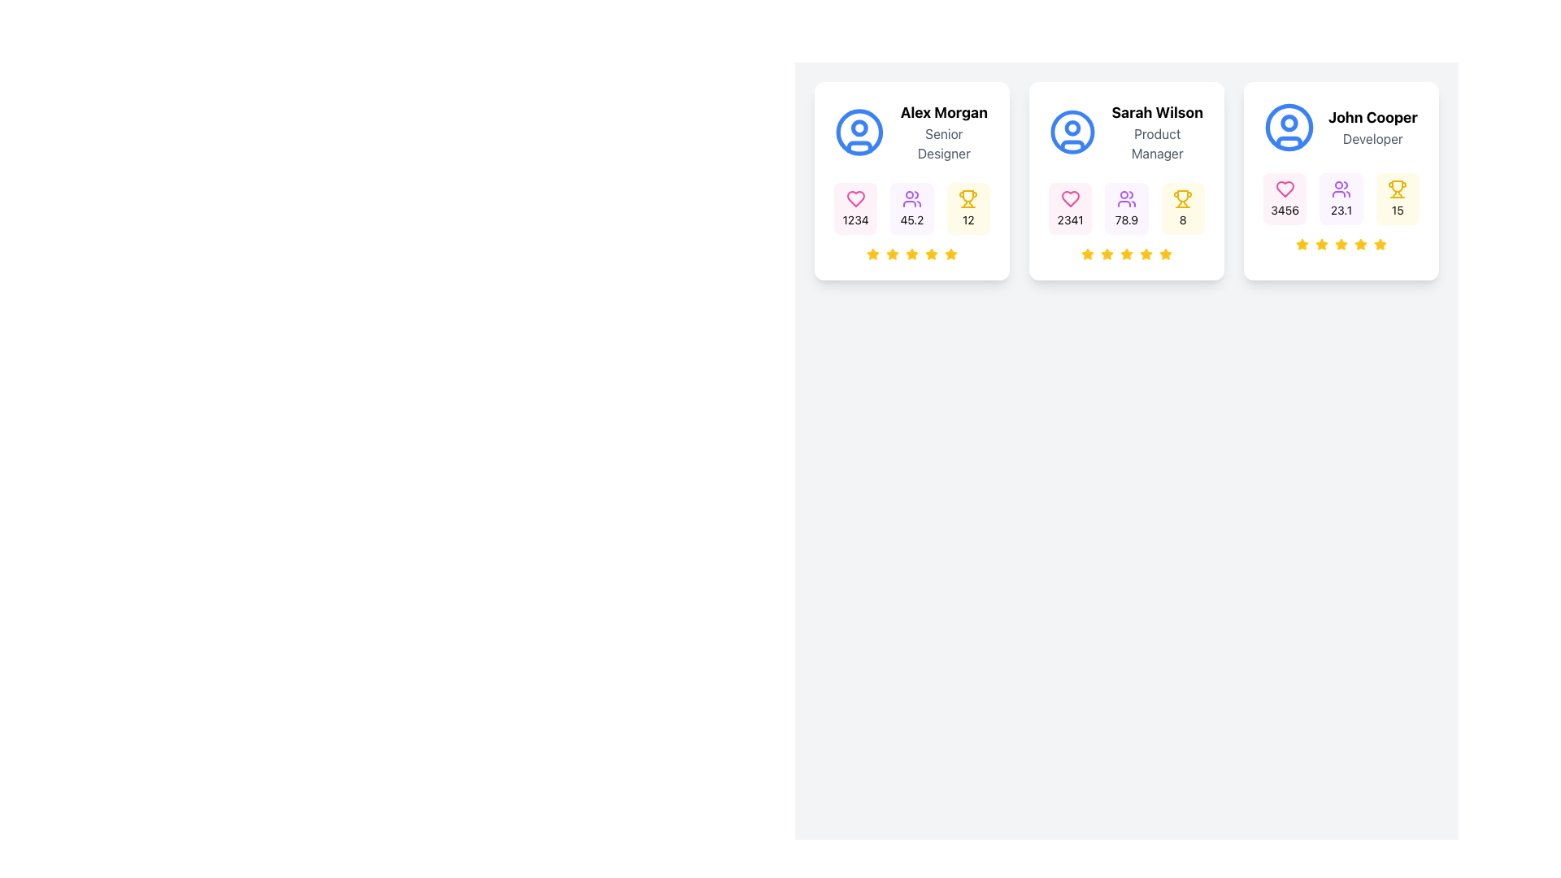 Image resolution: width=1561 pixels, height=878 pixels. Describe the element at coordinates (1341, 244) in the screenshot. I see `the fourth rating star icon located underneath the profile card of 'John Cooper' in the grid layout` at that location.